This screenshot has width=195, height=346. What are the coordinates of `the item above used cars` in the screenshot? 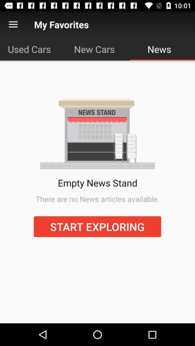 It's located at (13, 25).